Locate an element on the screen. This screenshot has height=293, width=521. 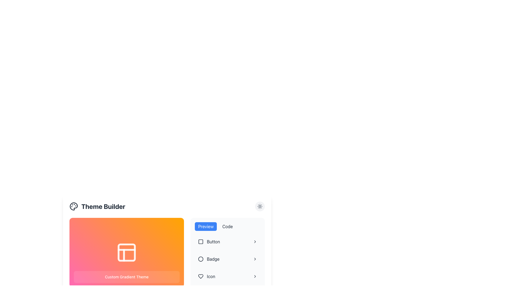
the small, right-pointing chevron icon located at the far right end of the 'Badge' section is located at coordinates (255, 259).